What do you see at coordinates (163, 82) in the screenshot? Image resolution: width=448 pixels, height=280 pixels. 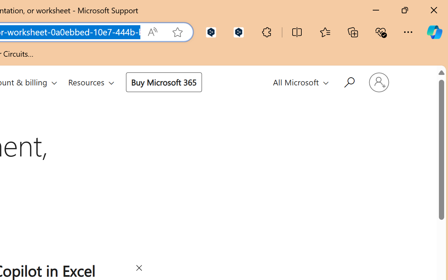 I see `'Buy Microsoft 365'` at bounding box center [163, 82].